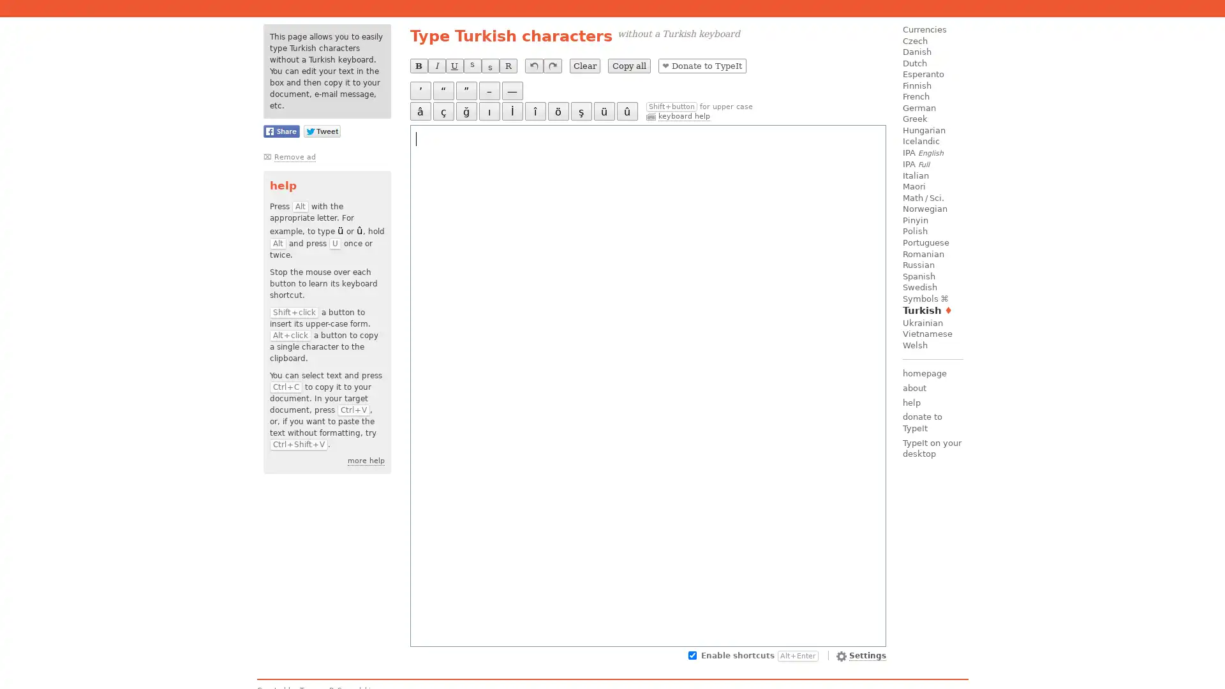 Image resolution: width=1225 pixels, height=689 pixels. Describe the element at coordinates (584, 66) in the screenshot. I see `Clear` at that location.